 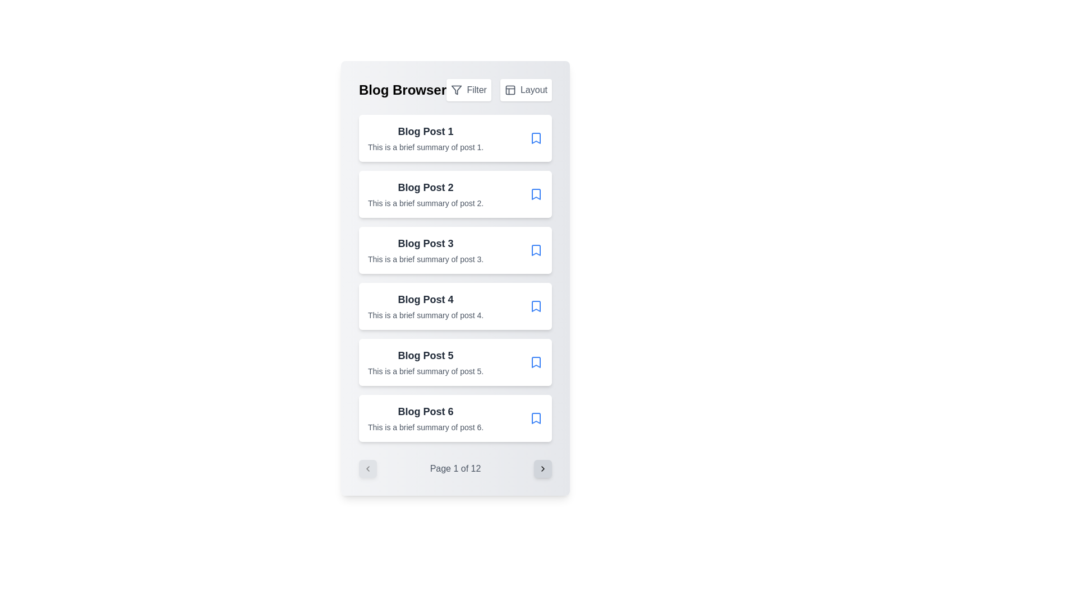 I want to click on the bookmark icon located at the right edge near the top of the 'Blog Post 3' card, so click(x=535, y=250).